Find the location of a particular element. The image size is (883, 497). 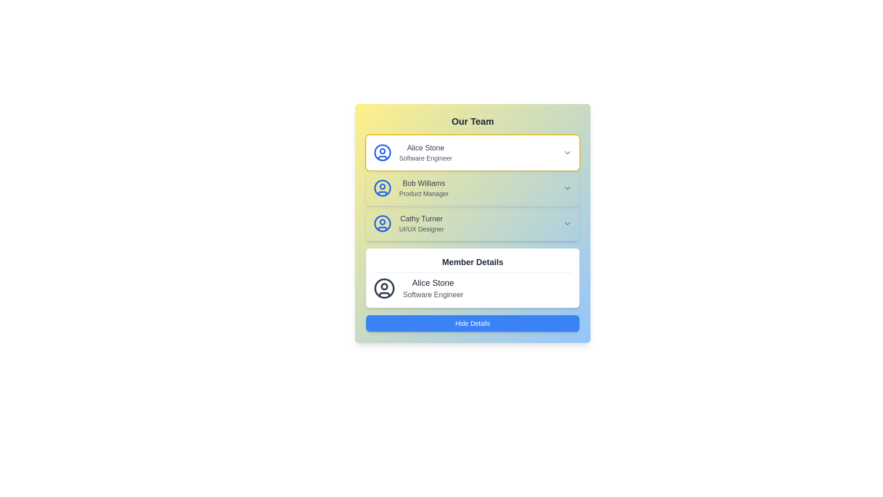

the circular graphic element within the user icon next to 'Alice Stone' in the 'Our Team' section is located at coordinates (382, 150).